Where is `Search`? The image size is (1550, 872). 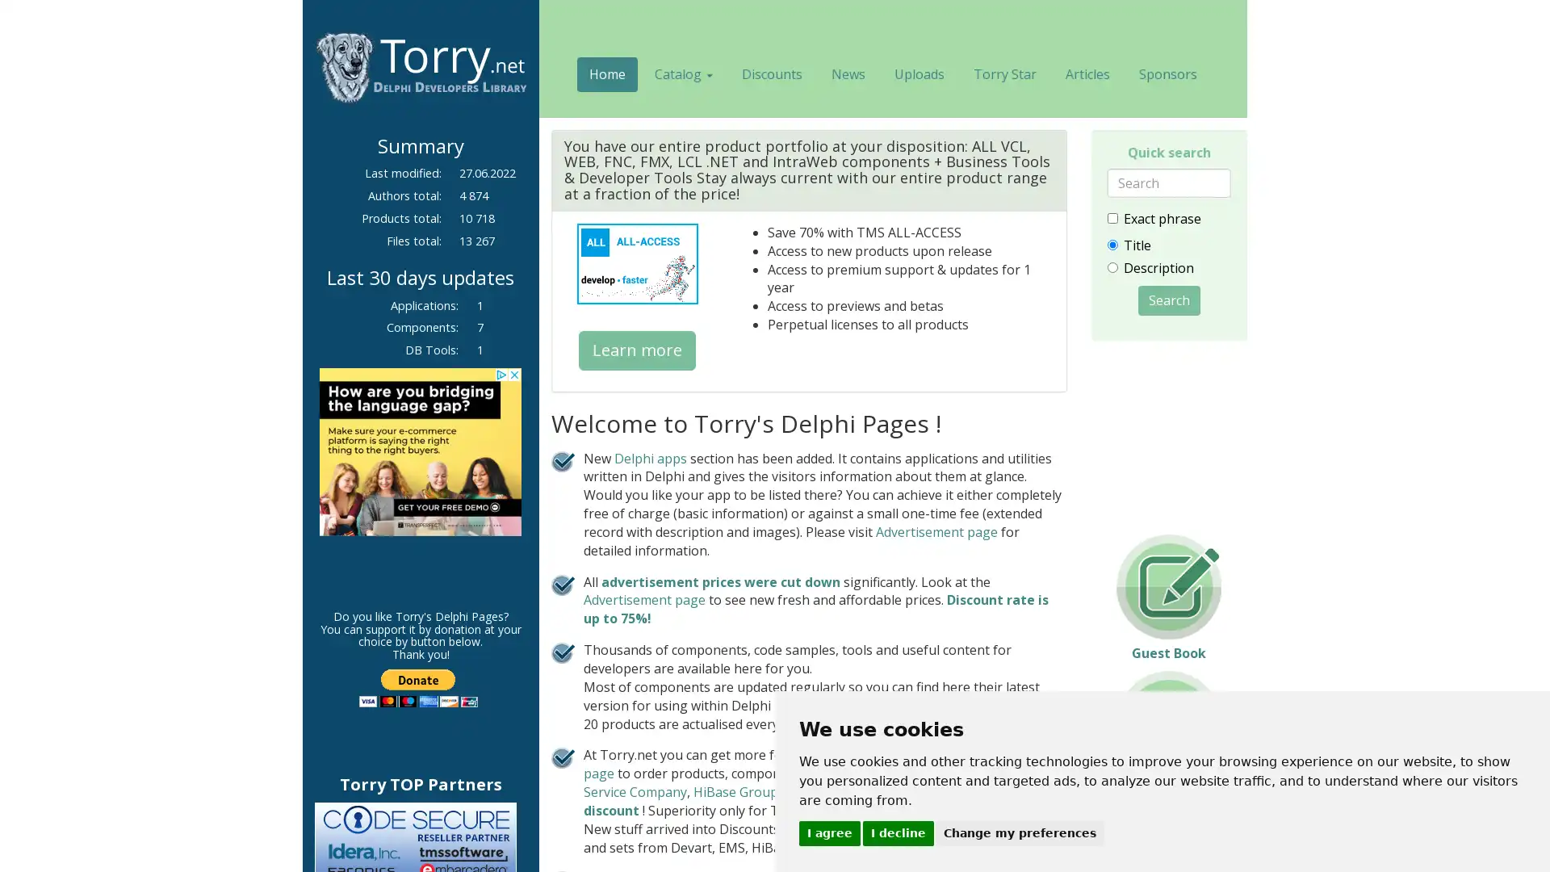
Search is located at coordinates (1168, 300).